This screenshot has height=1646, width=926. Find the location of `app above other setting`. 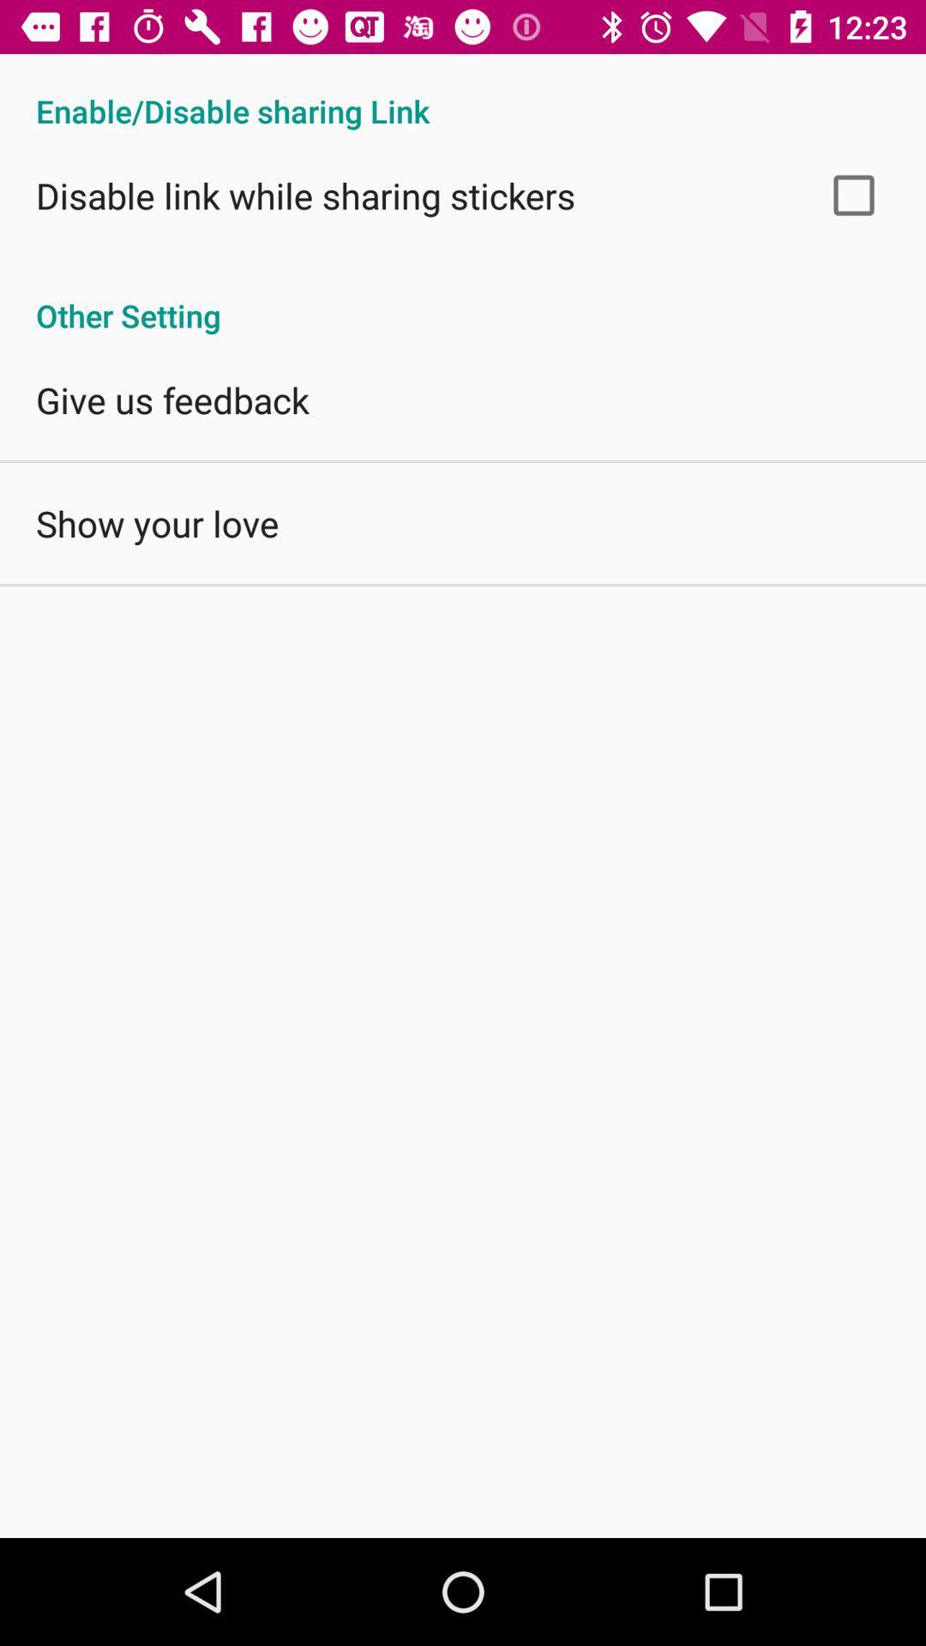

app above other setting is located at coordinates (853, 195).